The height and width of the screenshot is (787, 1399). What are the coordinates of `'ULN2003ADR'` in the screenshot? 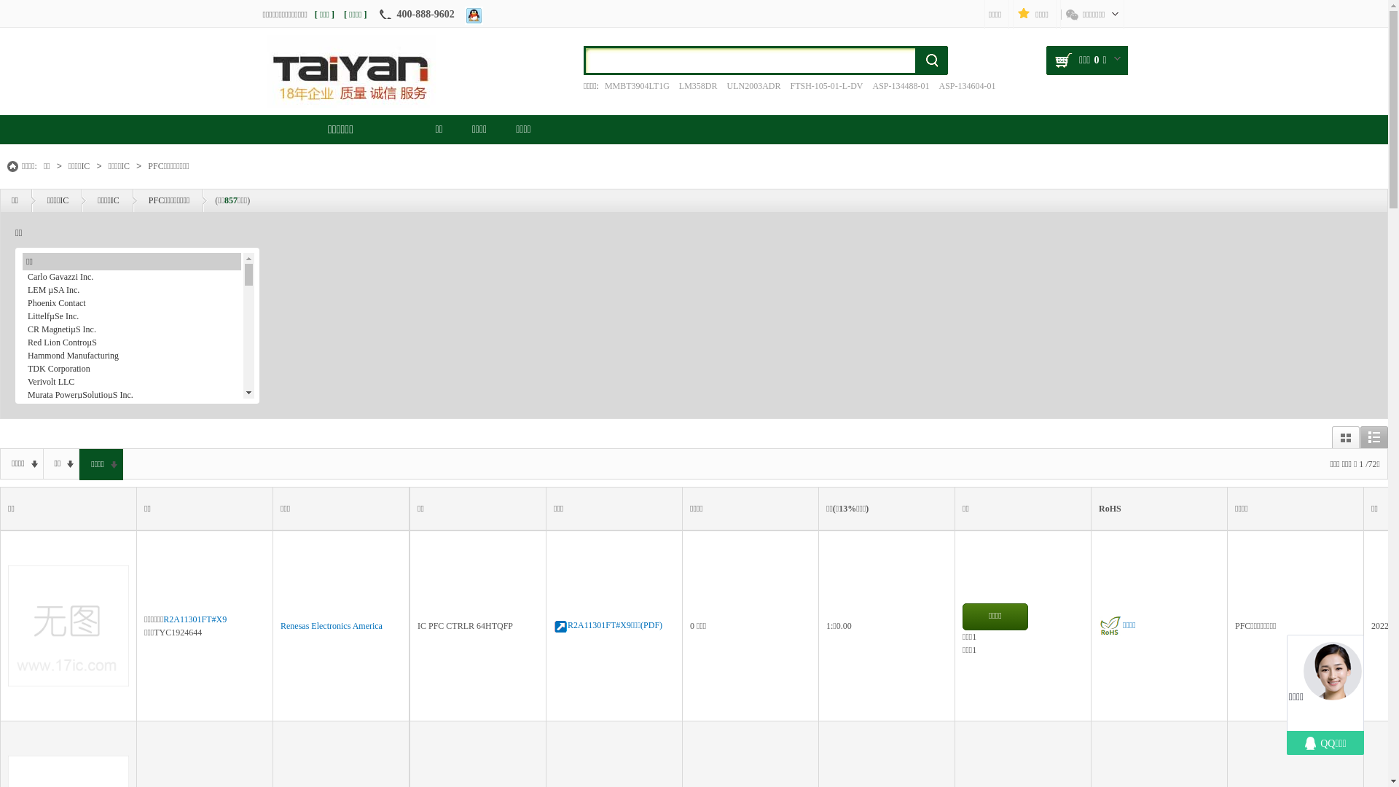 It's located at (753, 86).